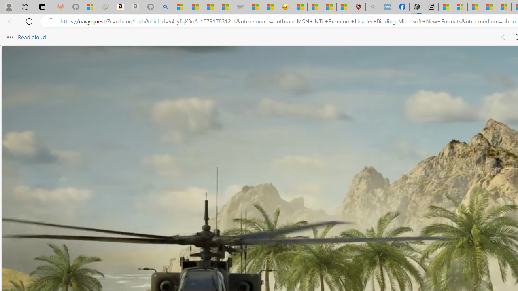 The height and width of the screenshot is (291, 518). I want to click on '12 Popular Science Lies that Must be Corrected', so click(344, 7).